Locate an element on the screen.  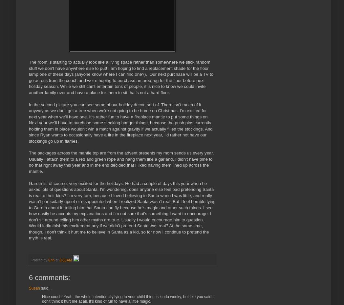
'The room is starting to actually look like a living space rather than somewhere we stick random stuff we don't have anywhere else to put! I am hoping to find a replacement shade for the floor lamp one of these days (anyone know where I can find one?).  Our next purchase will be a TV to go across from the couch and we're hoping to purchase an area rug for the floor before next holiday season. While we still can't entertain tons of people, it is nice to know we could invite another family over and have a place for them to sit that's not a hard floor.' is located at coordinates (121, 77).